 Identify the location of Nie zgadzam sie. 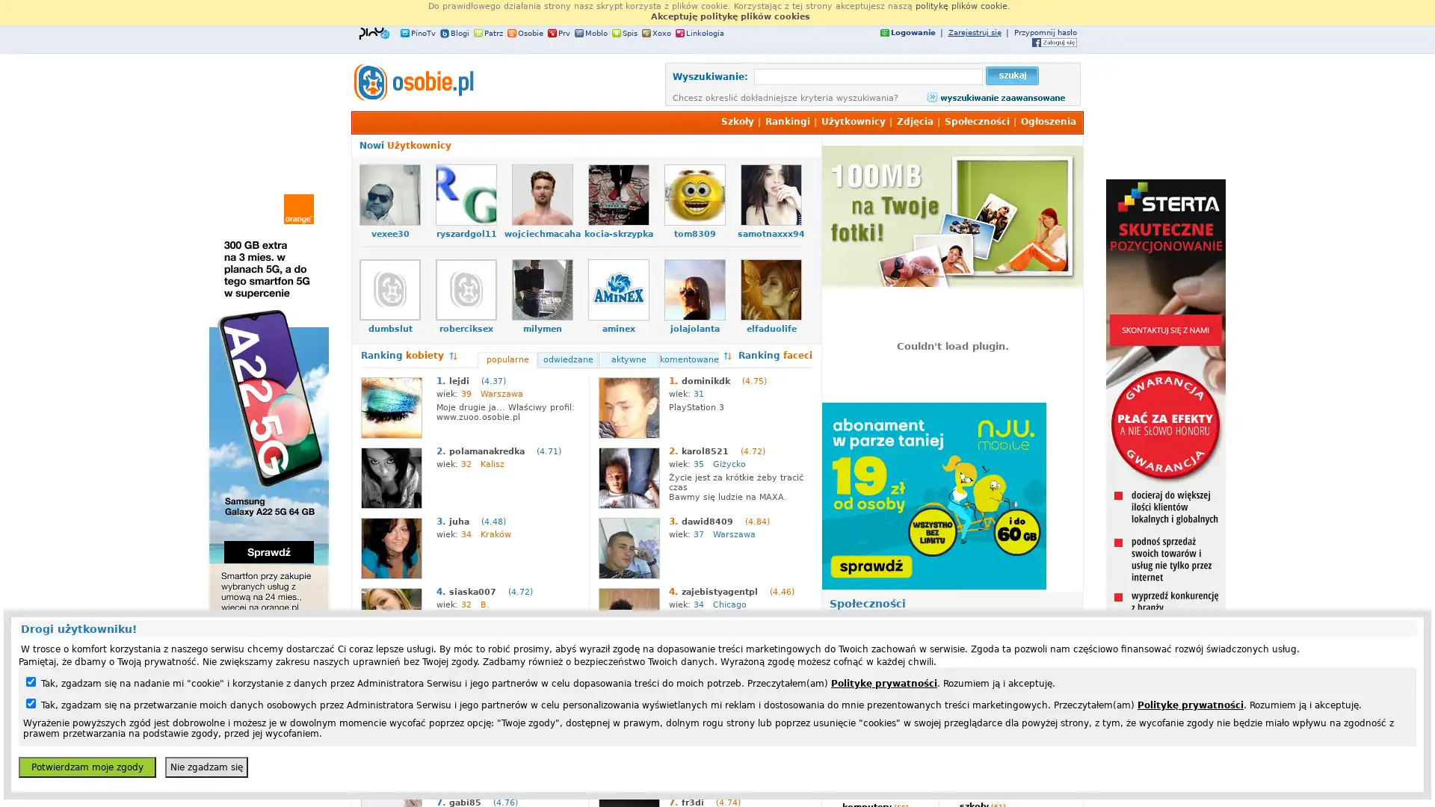
(206, 767).